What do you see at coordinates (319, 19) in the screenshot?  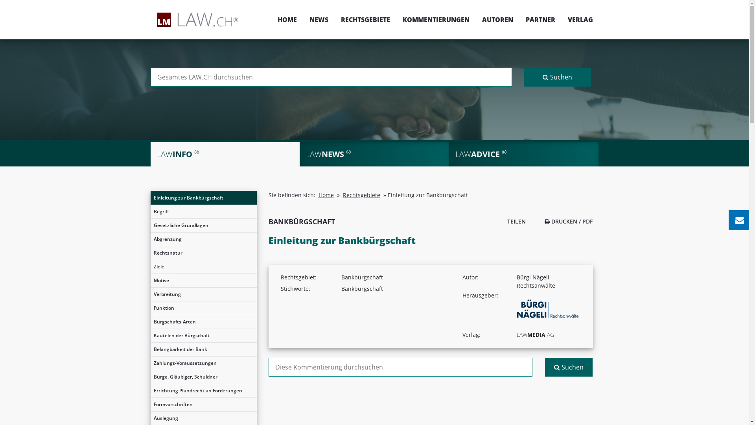 I see `'NEWS'` at bounding box center [319, 19].